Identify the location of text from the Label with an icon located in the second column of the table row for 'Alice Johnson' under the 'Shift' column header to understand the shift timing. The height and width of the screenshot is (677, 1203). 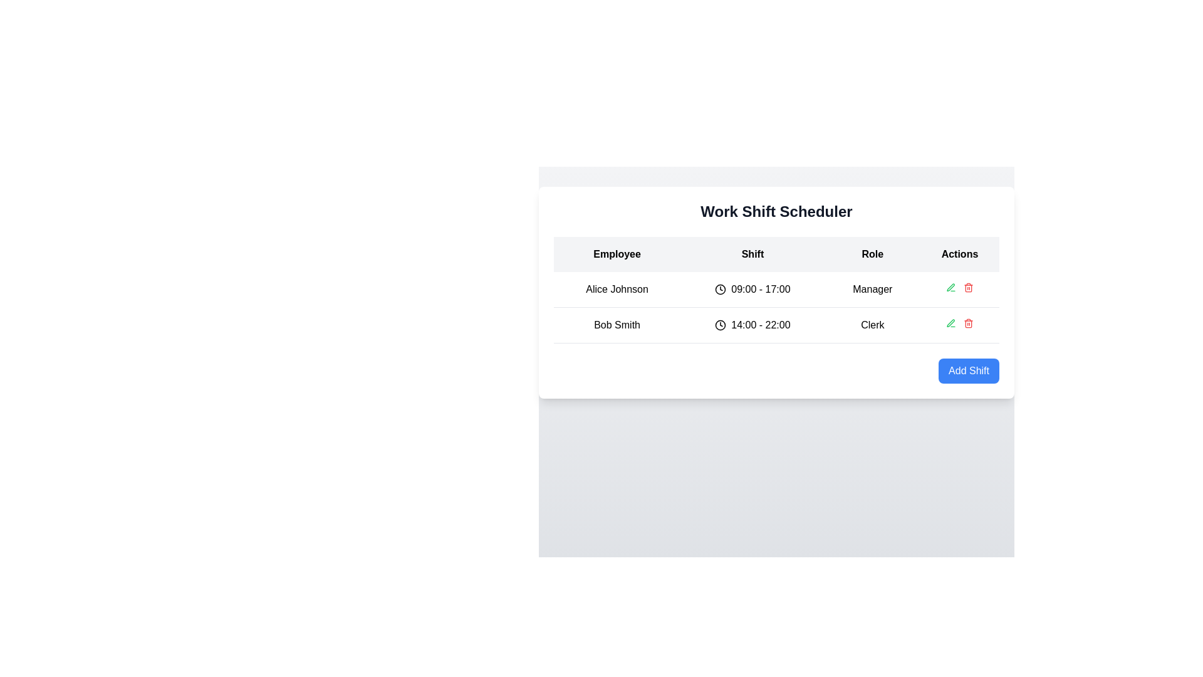
(752, 290).